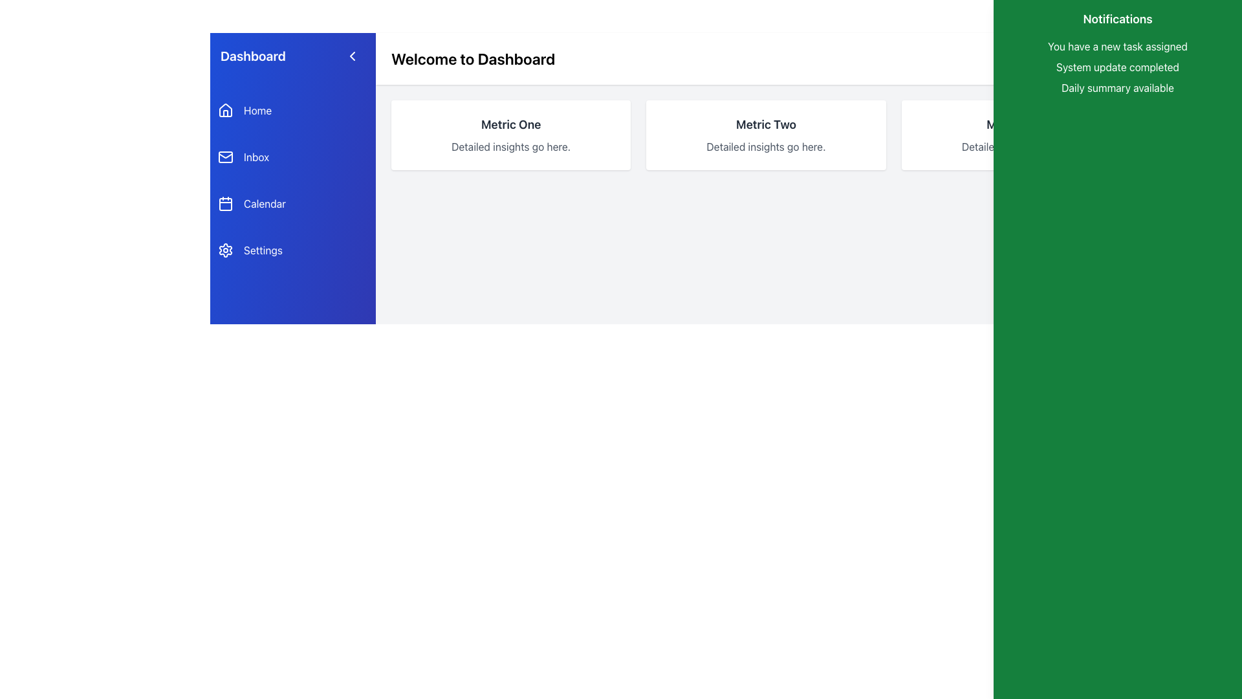  What do you see at coordinates (353, 56) in the screenshot?
I see `the chevron left icon located in the blue sidebar, adjacent to the 'Dashboard' text header` at bounding box center [353, 56].